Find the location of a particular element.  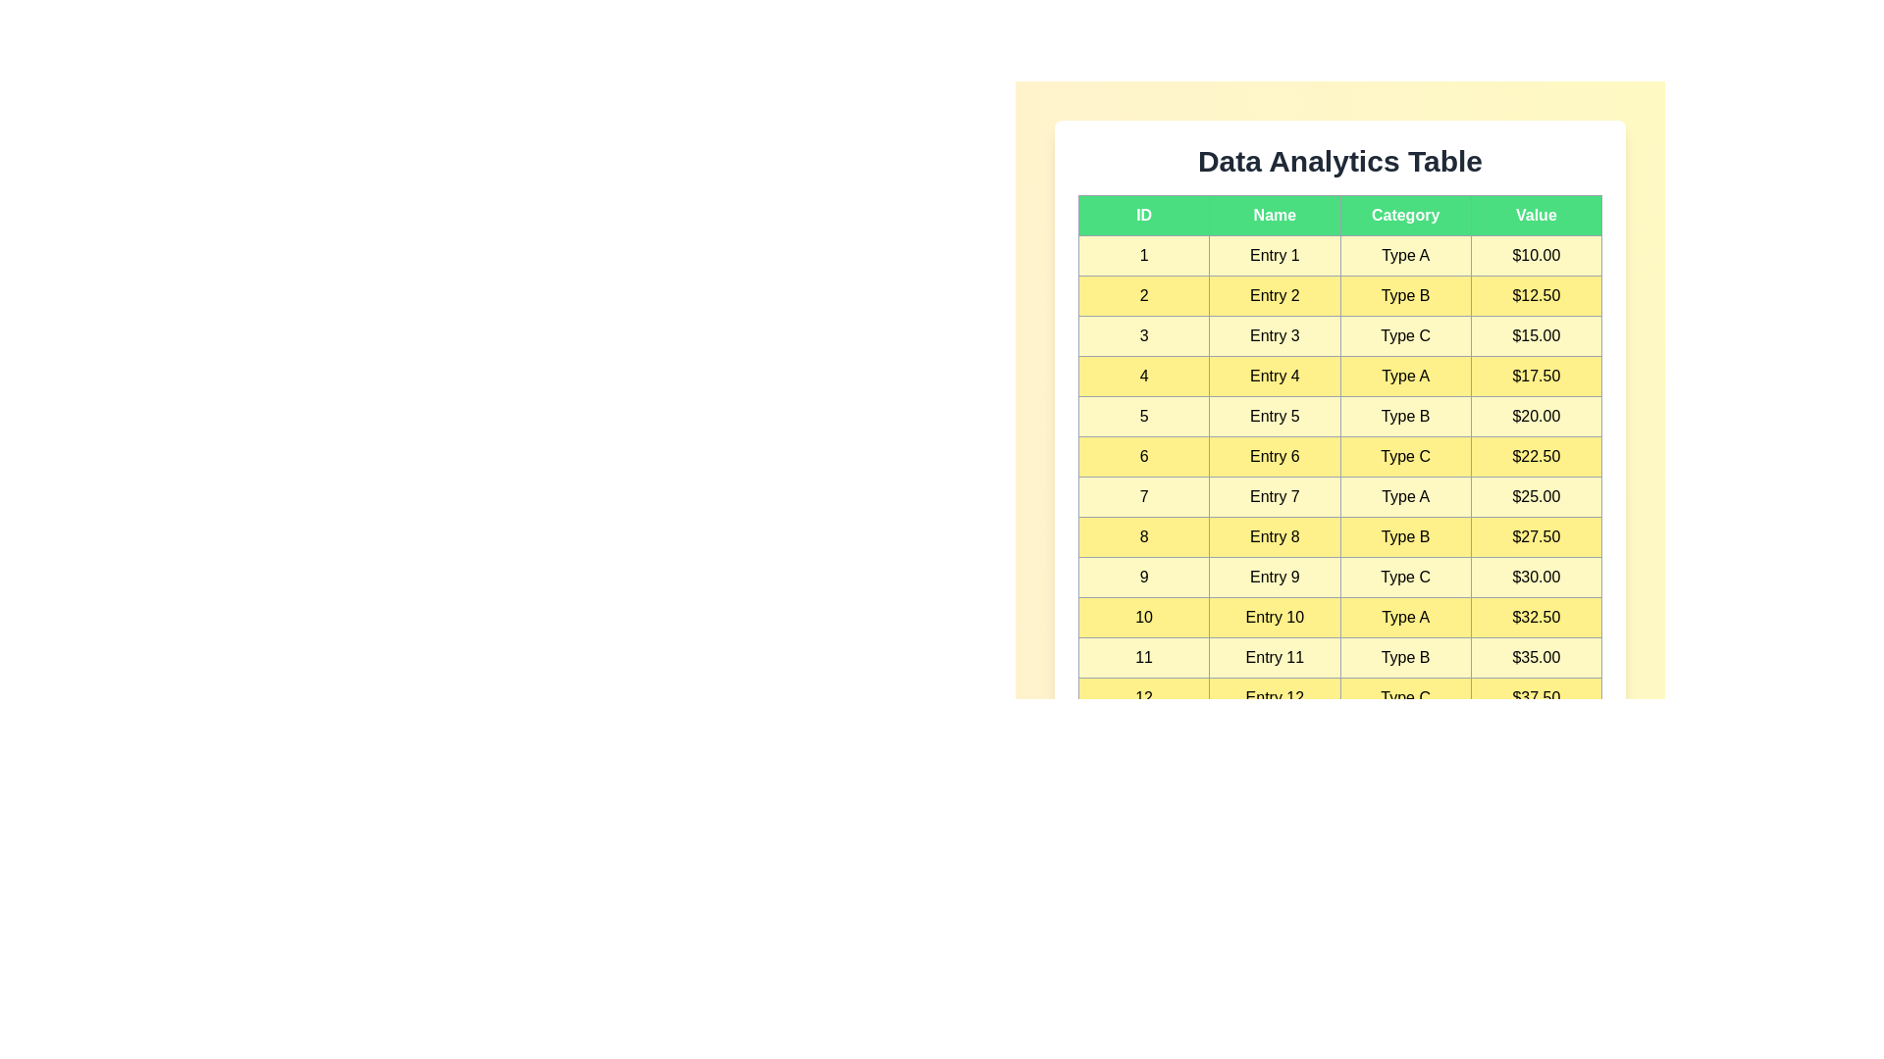

the column header ID to sort rows is located at coordinates (1144, 215).